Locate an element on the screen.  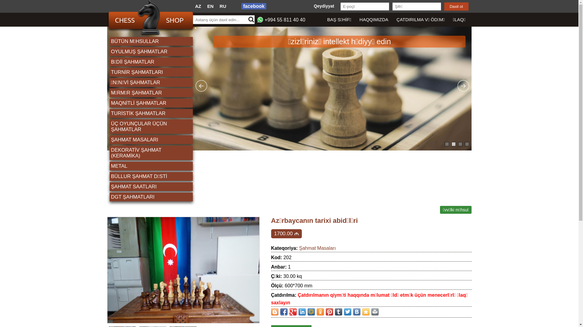
'+994 55 811 40 40' is located at coordinates (285, 19).